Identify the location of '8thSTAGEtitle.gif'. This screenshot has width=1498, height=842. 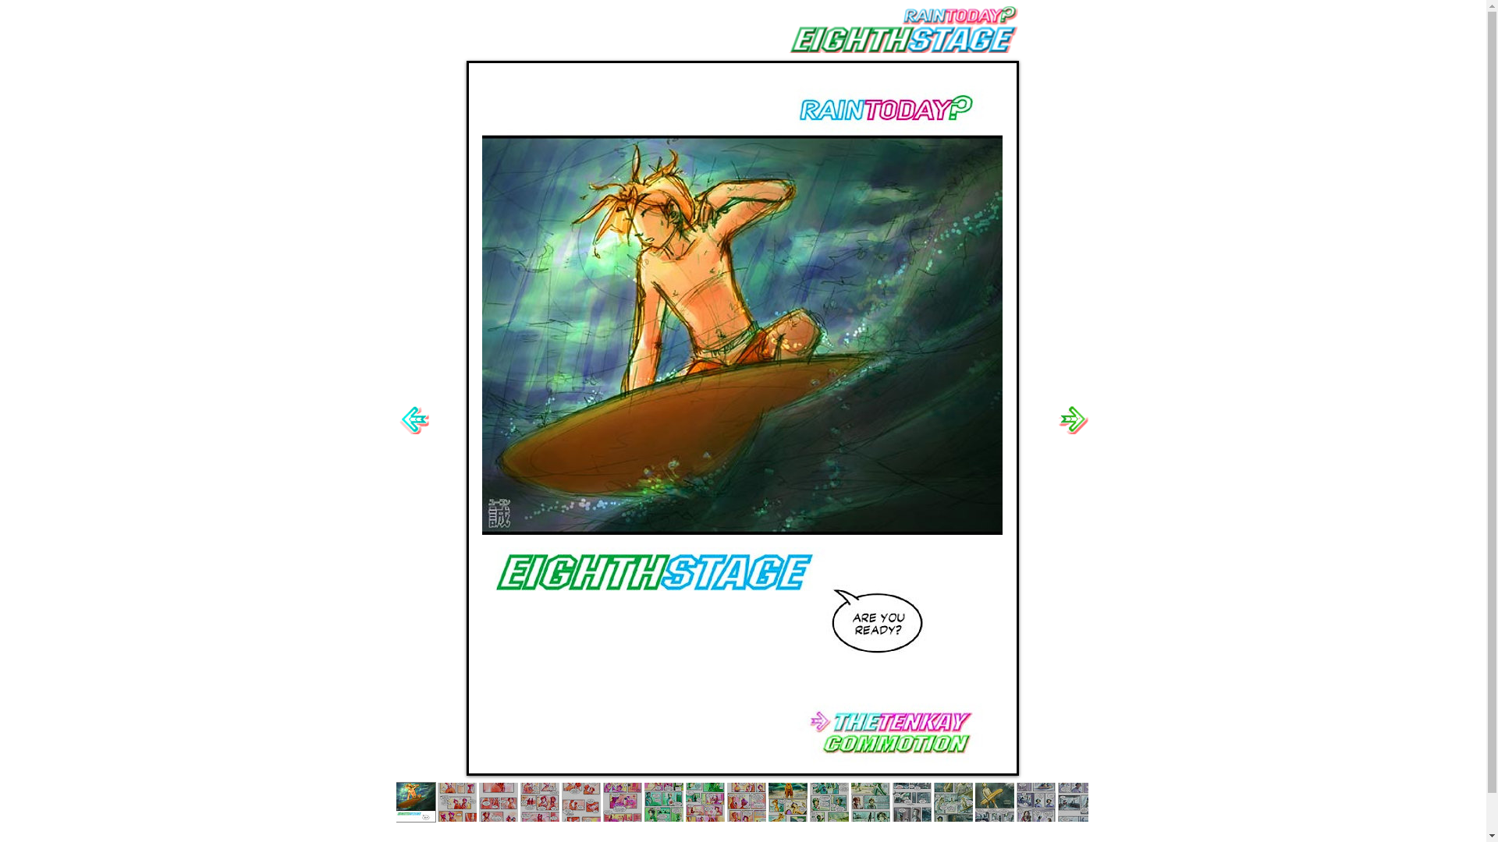
(903, 30).